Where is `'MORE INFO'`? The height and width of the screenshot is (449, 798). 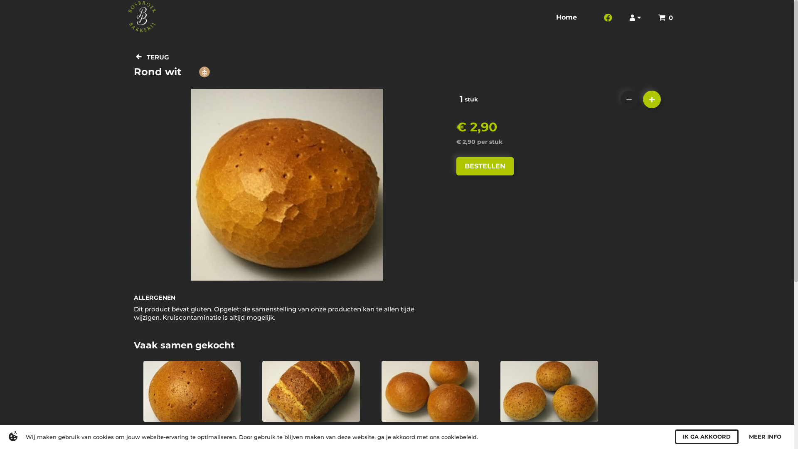
'MORE INFO' is located at coordinates (768, 436).